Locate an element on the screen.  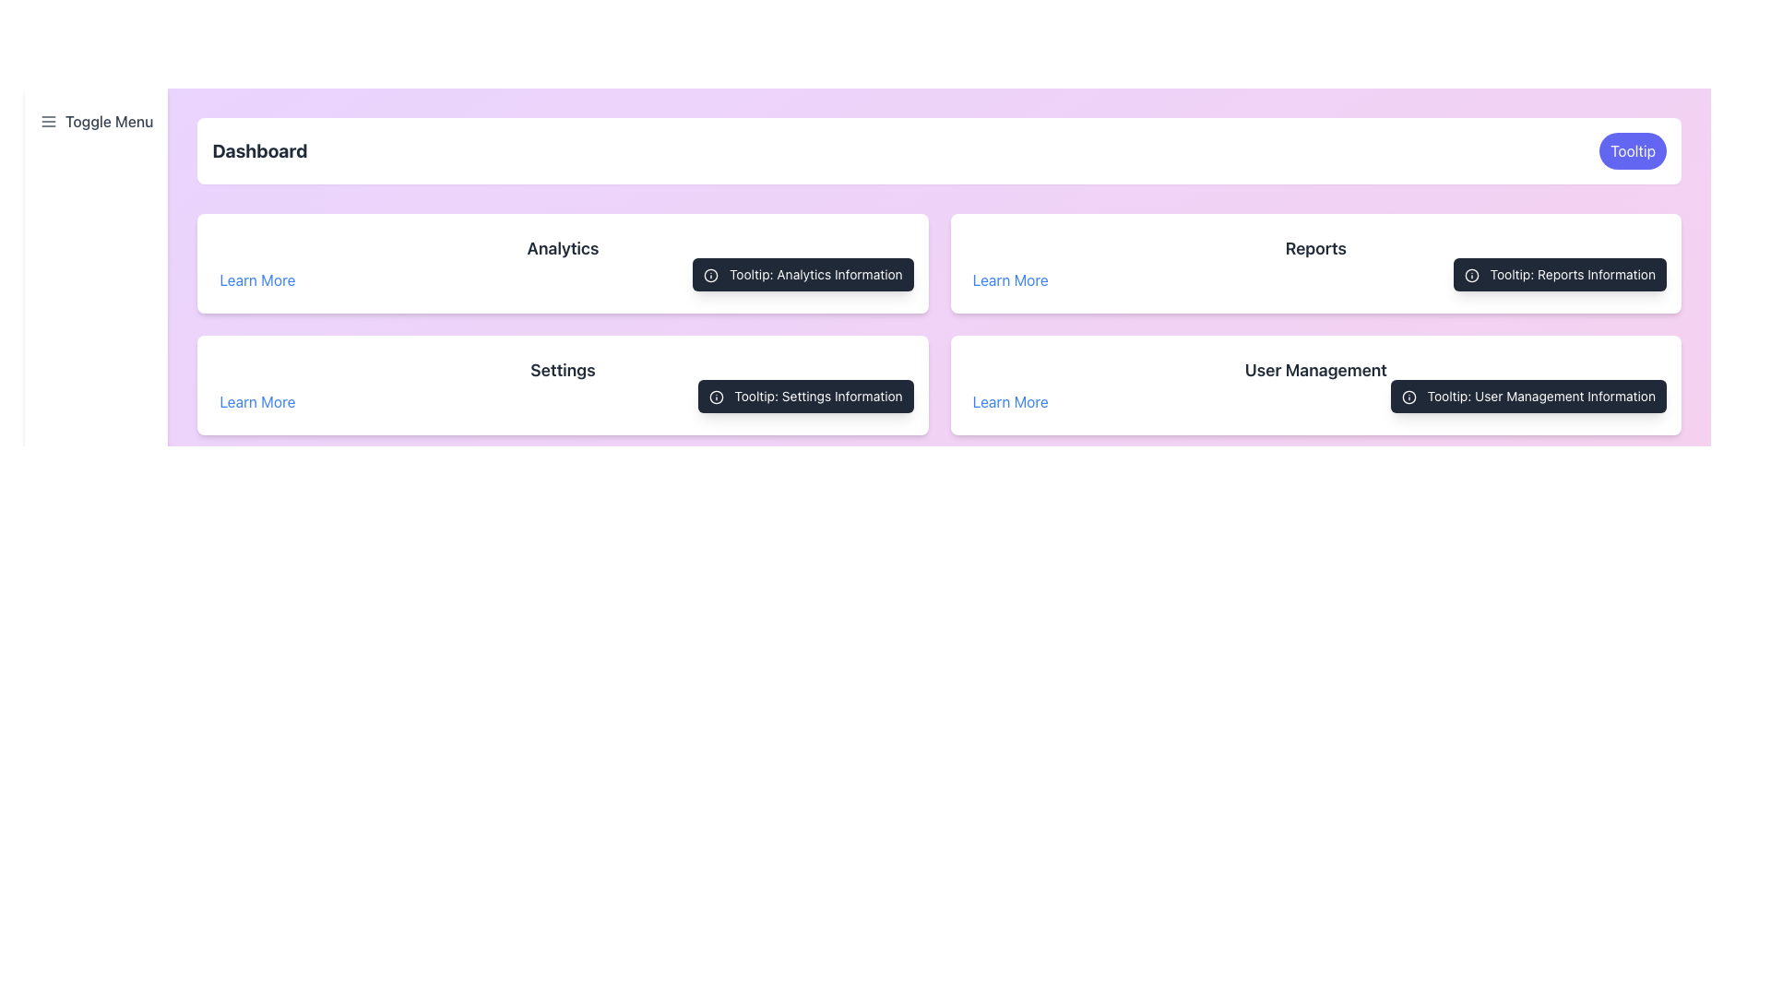
the tooltip associated with 'User Management' located towards the bottom right of the section, next to the 'Learn More' link is located at coordinates (1528, 395).